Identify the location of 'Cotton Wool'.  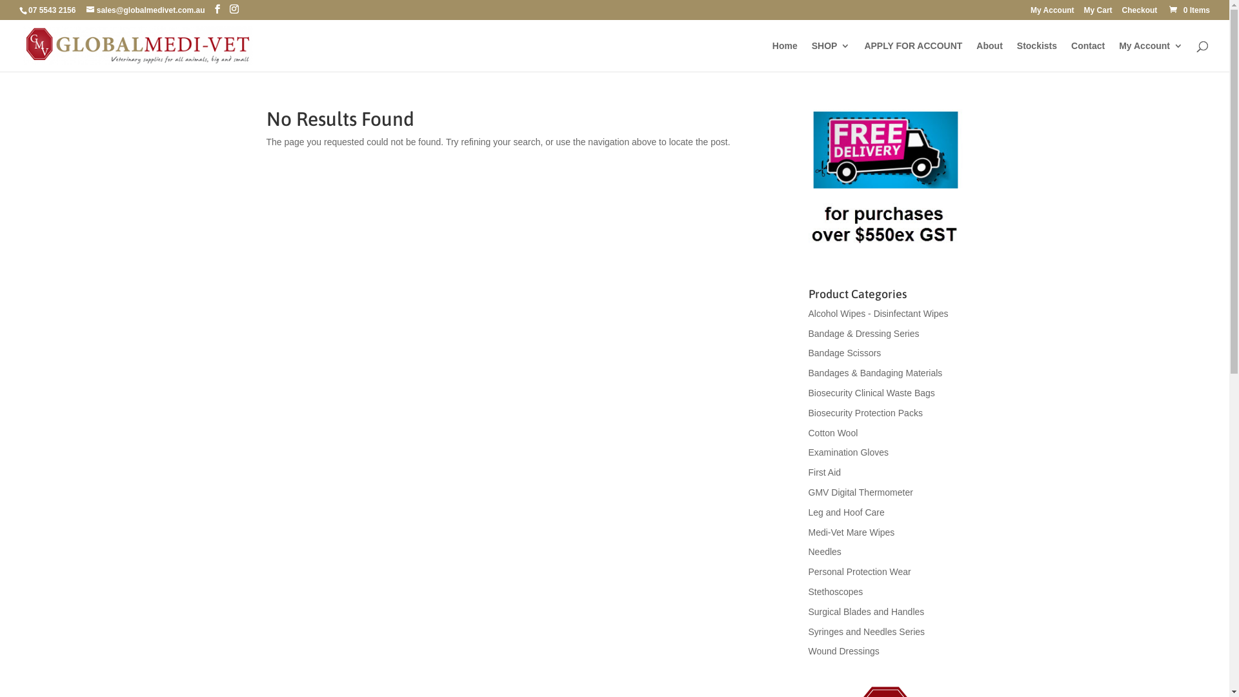
(832, 433).